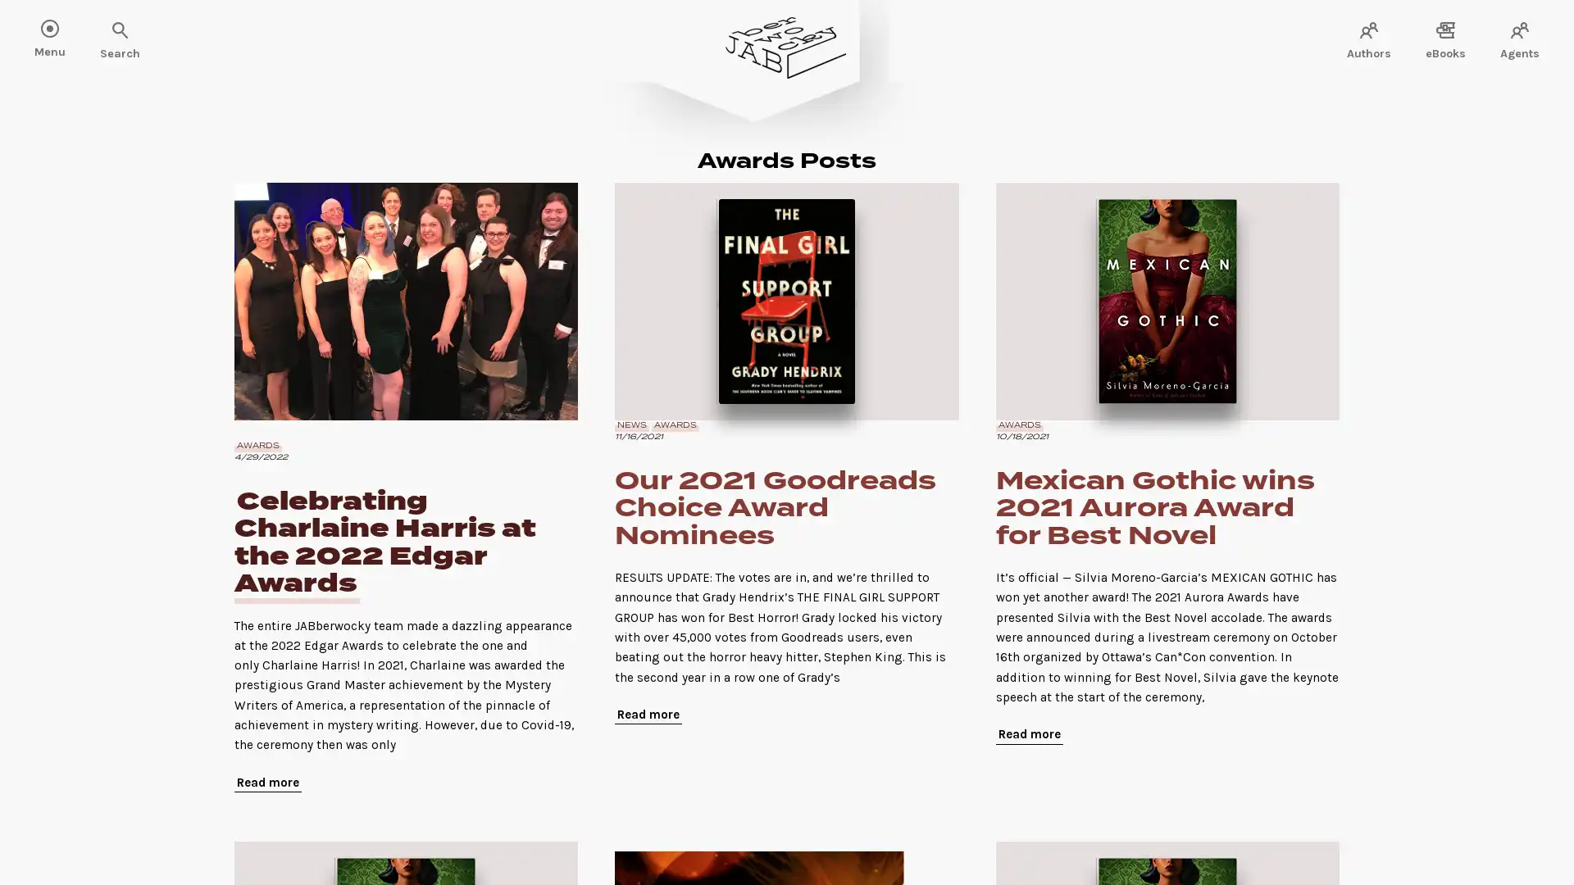 This screenshot has height=885, width=1574. Describe the element at coordinates (66, 31) in the screenshot. I see `Search` at that location.